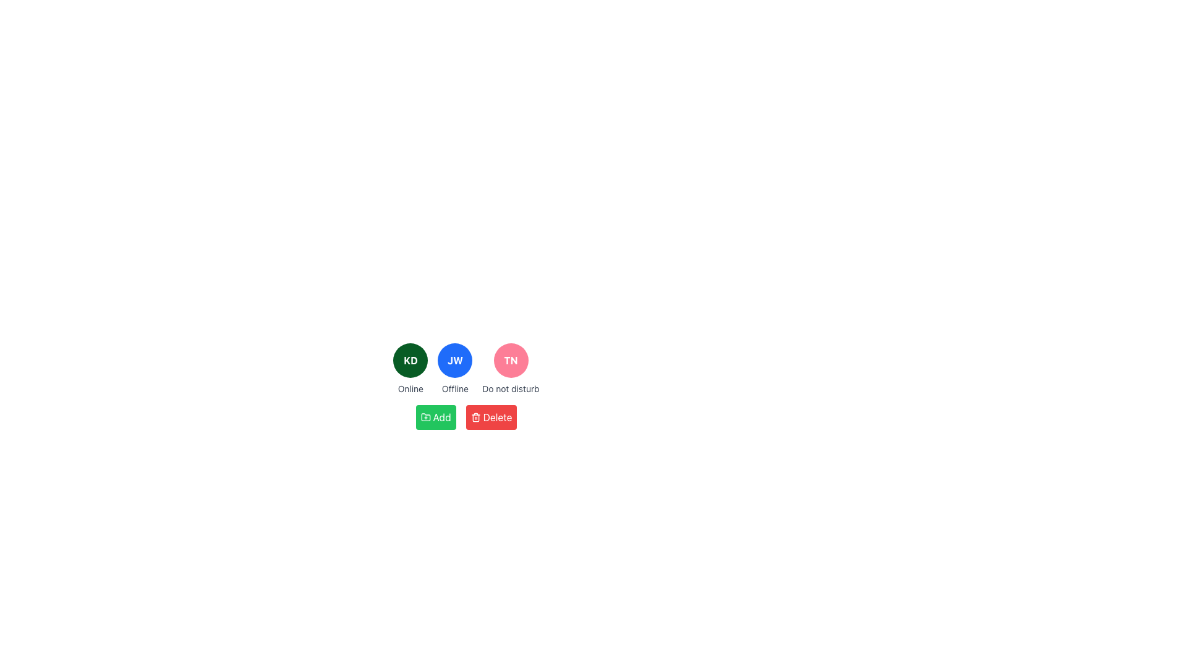 This screenshot has width=1187, height=668. What do you see at coordinates (411, 388) in the screenshot?
I see `the static text label displaying 'Online' in gray color, located below the green circular badge with 'KD'` at bounding box center [411, 388].